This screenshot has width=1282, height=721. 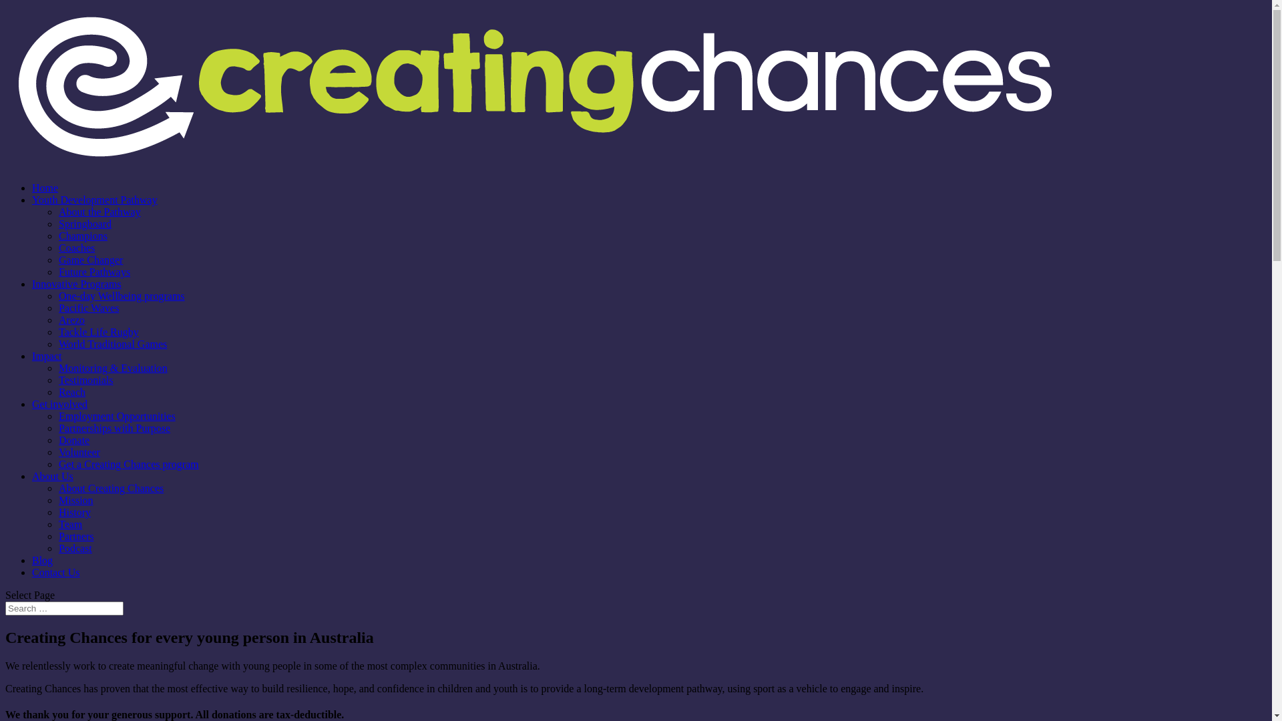 What do you see at coordinates (45, 188) in the screenshot?
I see `'Home'` at bounding box center [45, 188].